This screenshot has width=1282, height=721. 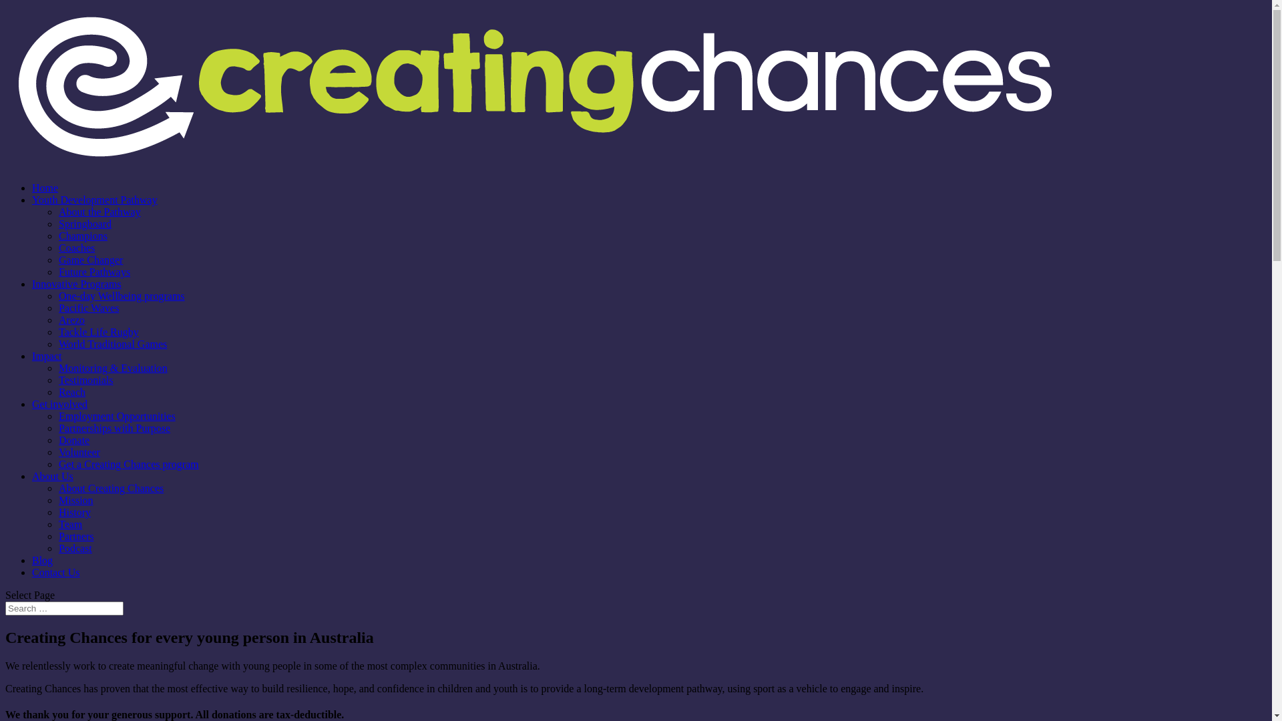 What do you see at coordinates (45, 188) in the screenshot?
I see `'Home'` at bounding box center [45, 188].